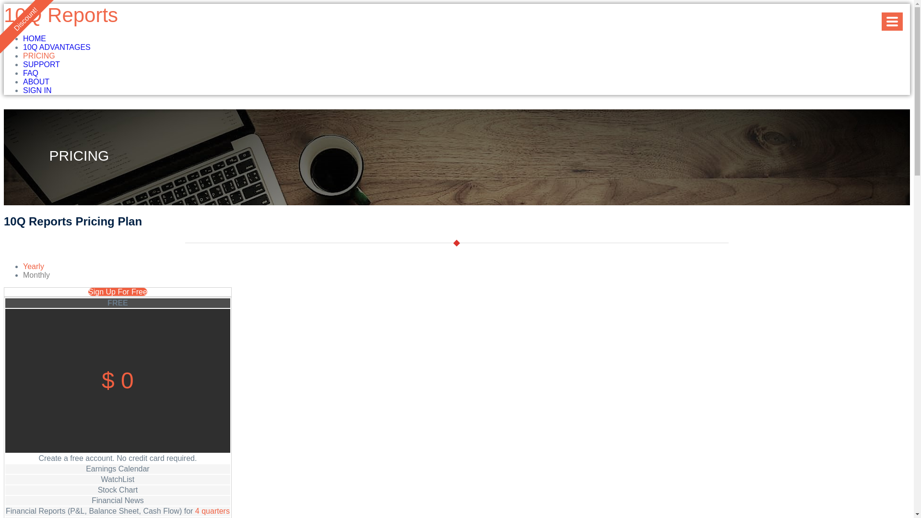 This screenshot has height=518, width=921. I want to click on '10Q Reports', so click(60, 15).